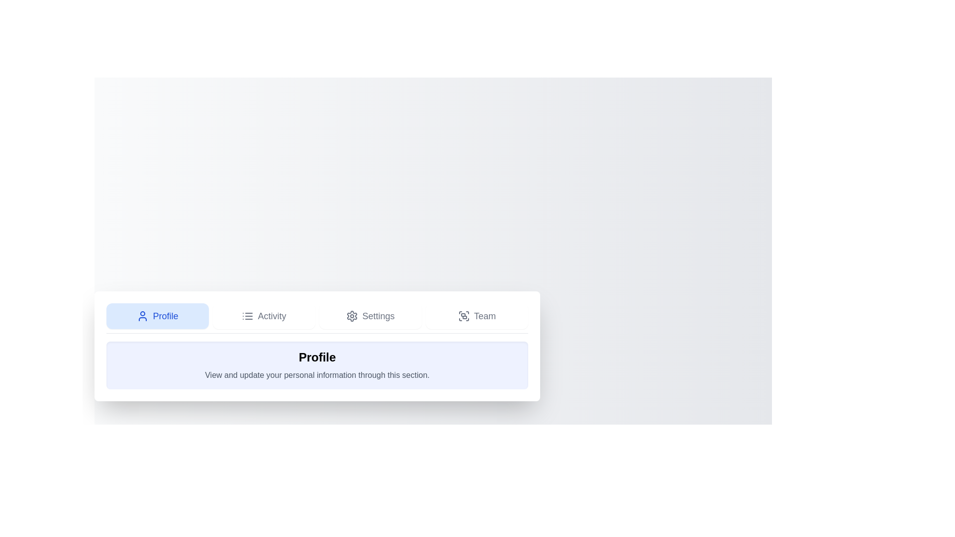 This screenshot has width=955, height=537. What do you see at coordinates (370, 316) in the screenshot?
I see `the tab labeled 'Settings'` at bounding box center [370, 316].